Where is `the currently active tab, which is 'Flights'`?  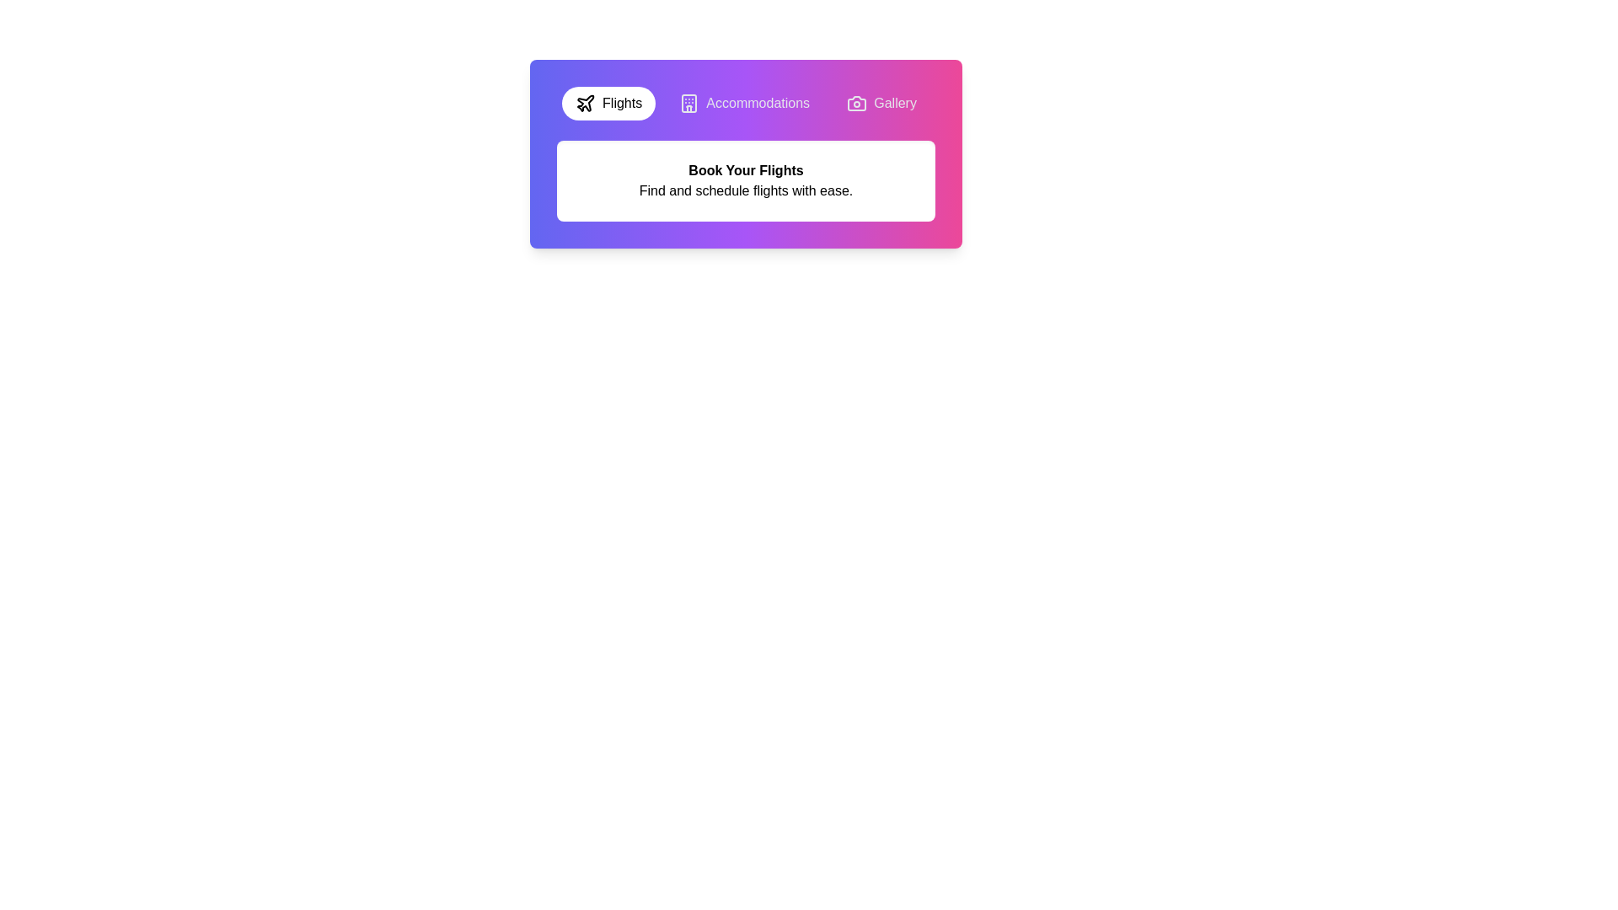
the currently active tab, which is 'Flights' is located at coordinates (608, 104).